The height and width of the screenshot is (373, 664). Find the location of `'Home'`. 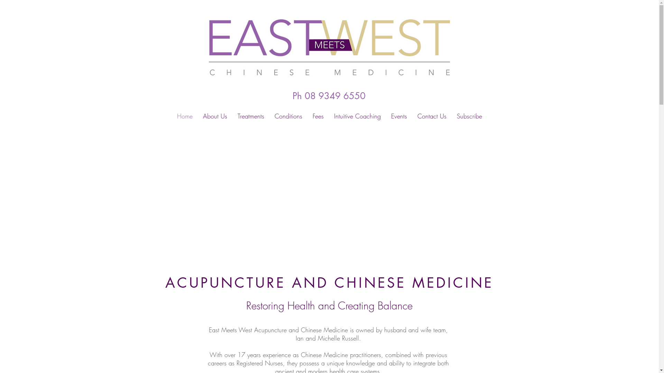

'Home' is located at coordinates (184, 115).